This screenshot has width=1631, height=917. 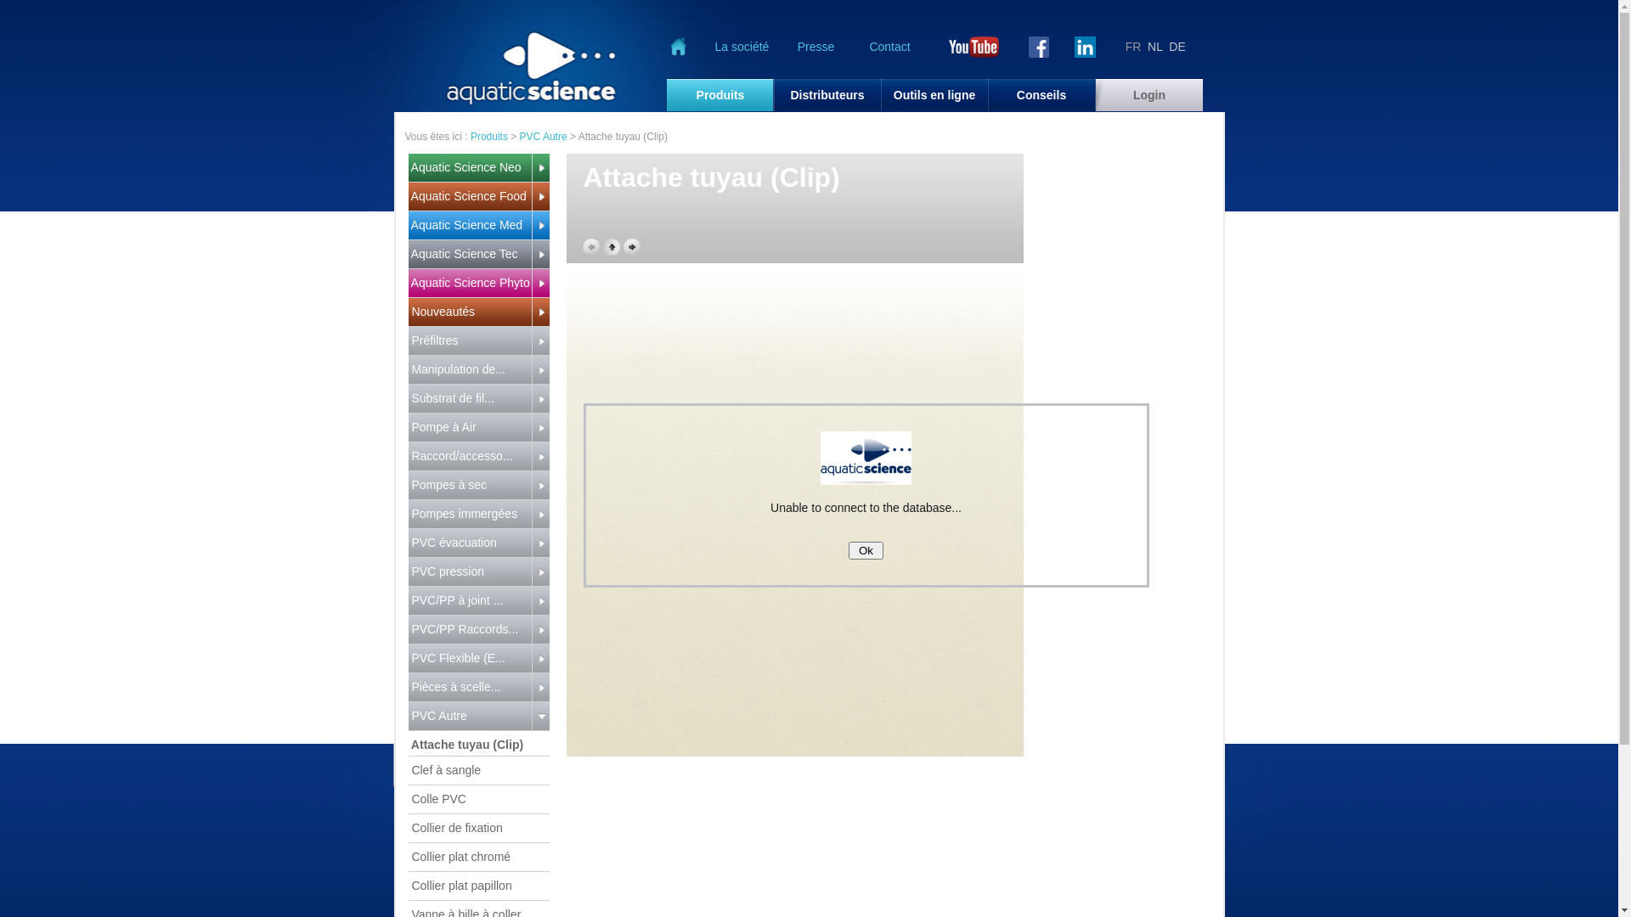 What do you see at coordinates (1154, 45) in the screenshot?
I see `'NL'` at bounding box center [1154, 45].